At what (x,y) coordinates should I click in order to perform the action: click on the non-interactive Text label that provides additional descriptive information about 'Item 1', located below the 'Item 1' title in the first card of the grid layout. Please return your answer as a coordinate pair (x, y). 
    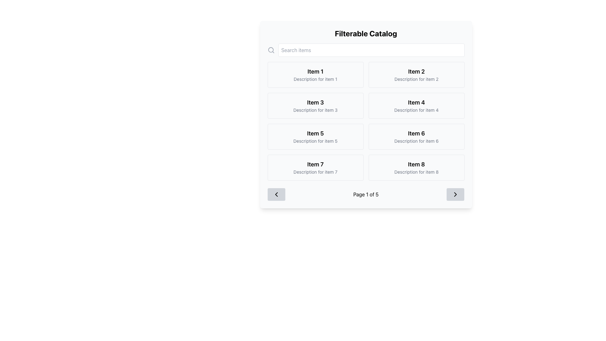
    Looking at the image, I should click on (315, 79).